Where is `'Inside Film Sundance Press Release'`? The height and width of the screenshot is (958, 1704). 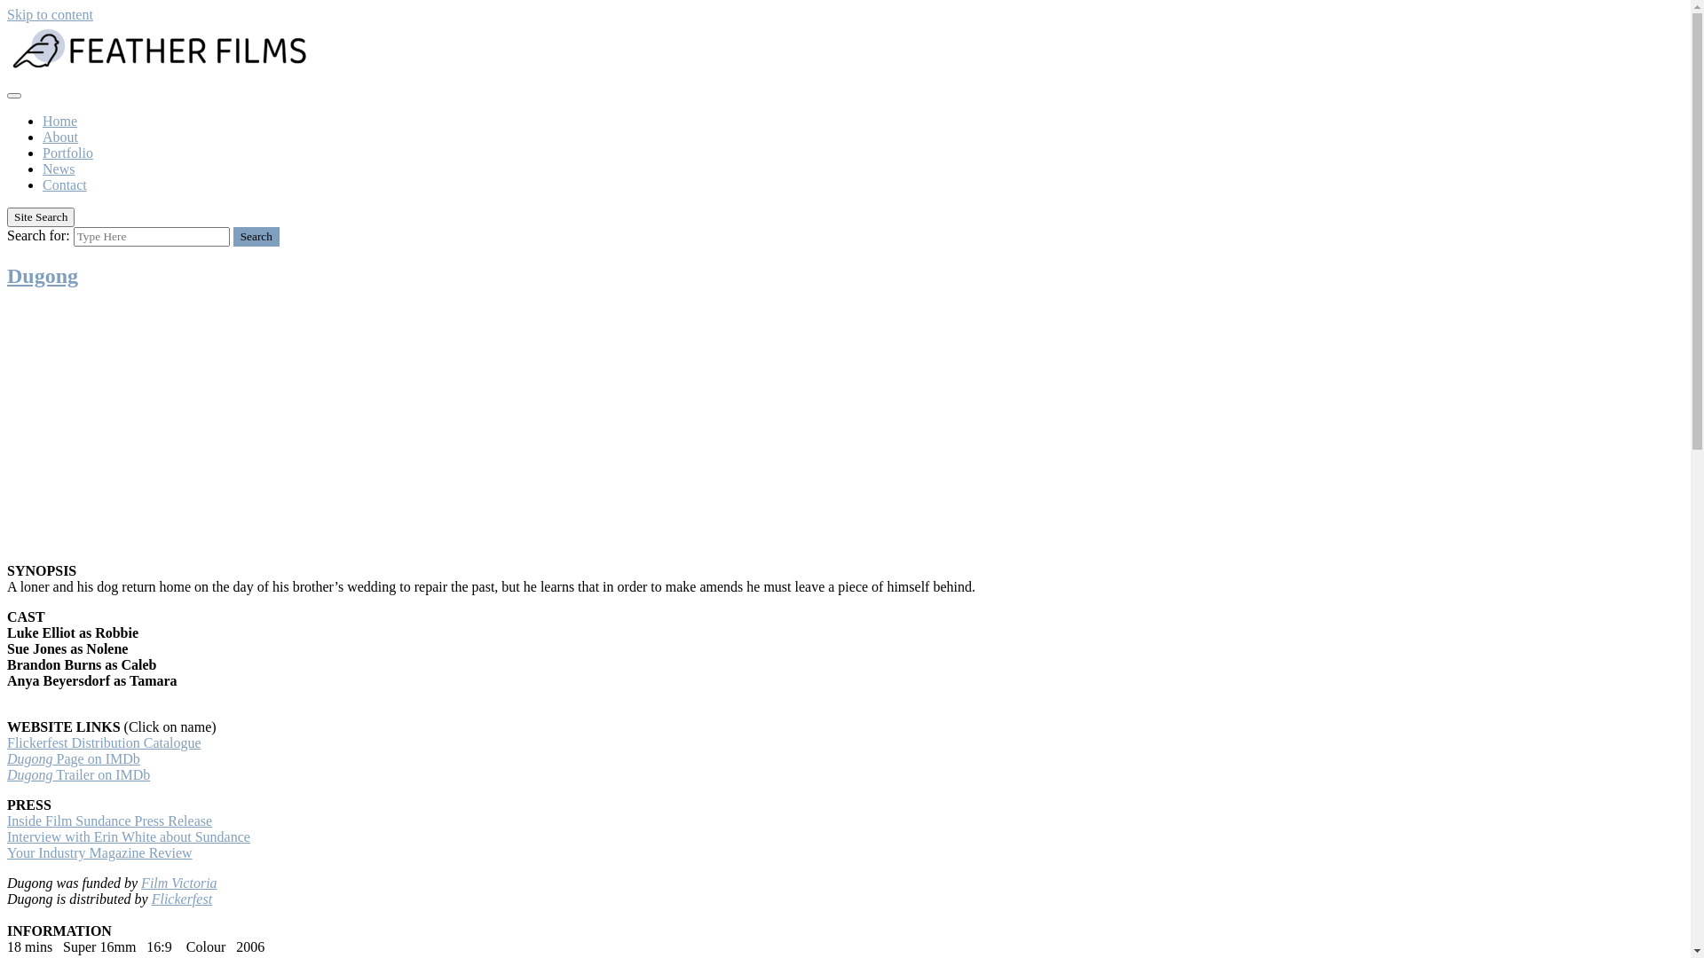 'Inside Film Sundance Press Release' is located at coordinates (7, 821).